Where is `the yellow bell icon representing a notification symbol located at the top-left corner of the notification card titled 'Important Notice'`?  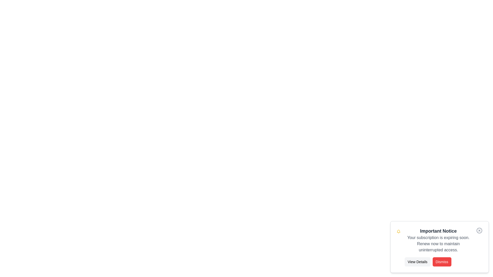
the yellow bell icon representing a notification symbol located at the top-left corner of the notification card titled 'Important Notice' is located at coordinates (398, 231).